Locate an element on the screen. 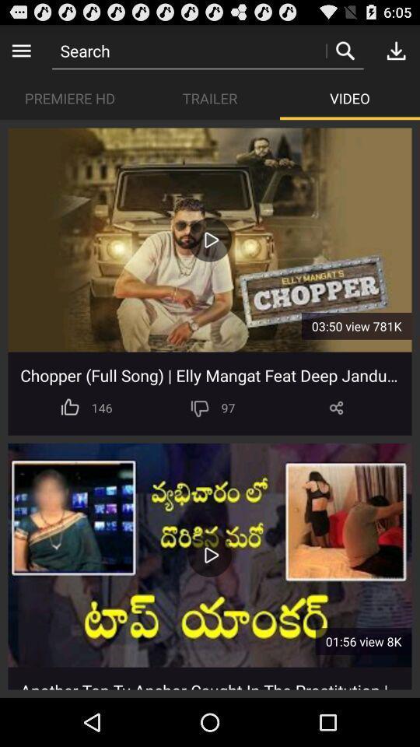  icon below chopper full song item is located at coordinates (200, 407).